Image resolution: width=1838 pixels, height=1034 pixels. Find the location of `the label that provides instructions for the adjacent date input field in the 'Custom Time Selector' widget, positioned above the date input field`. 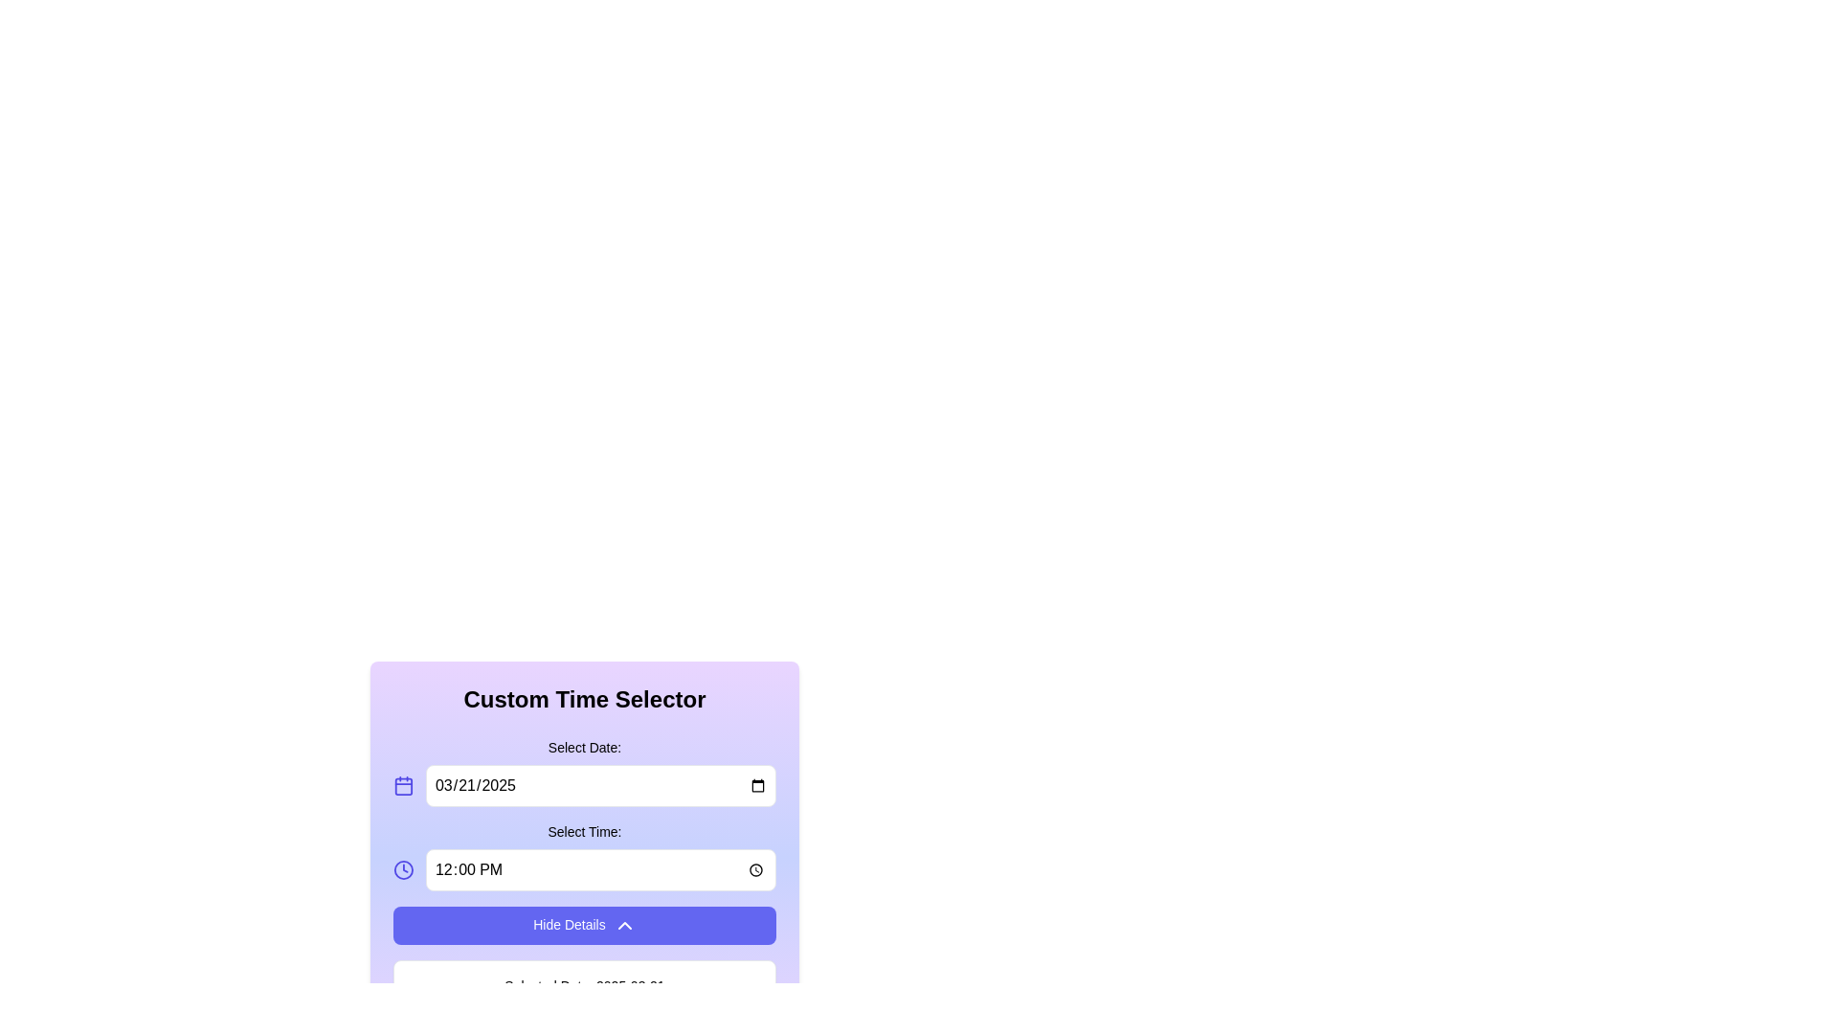

the label that provides instructions for the adjacent date input field in the 'Custom Time Selector' widget, positioned above the date input field is located at coordinates (583, 771).